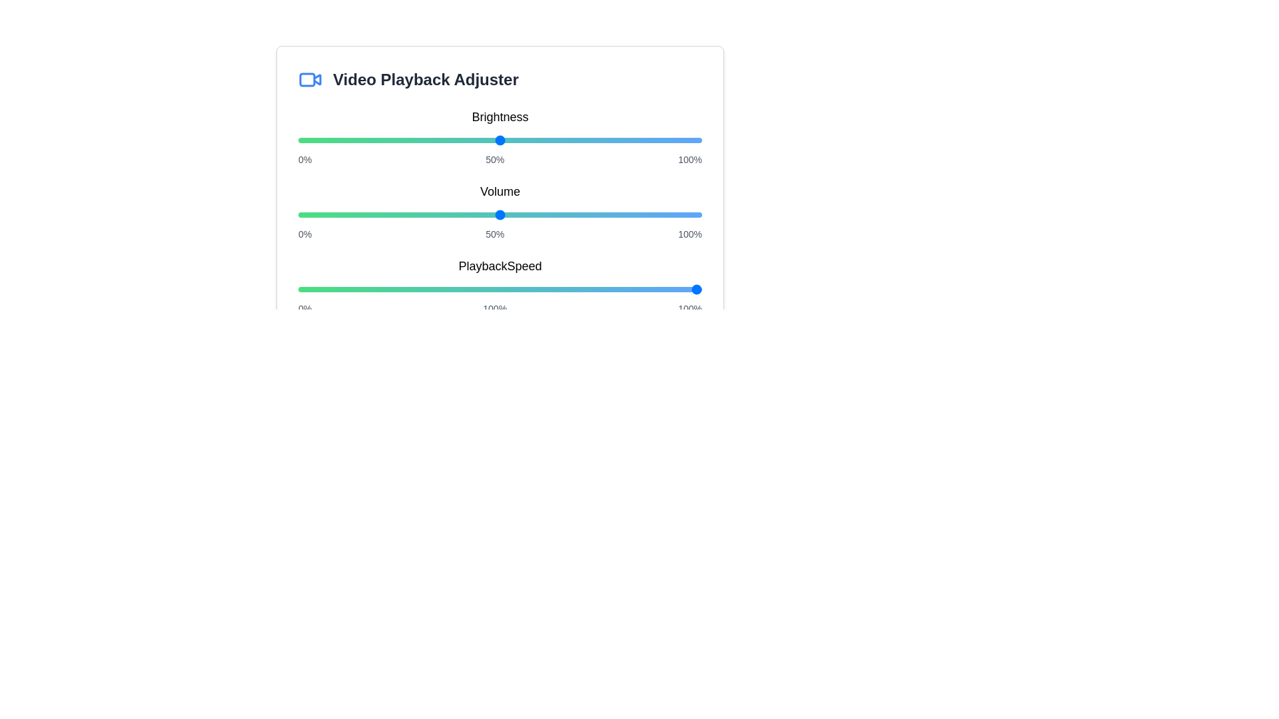 The height and width of the screenshot is (719, 1279). I want to click on the brightness slider to 75%, so click(600, 140).